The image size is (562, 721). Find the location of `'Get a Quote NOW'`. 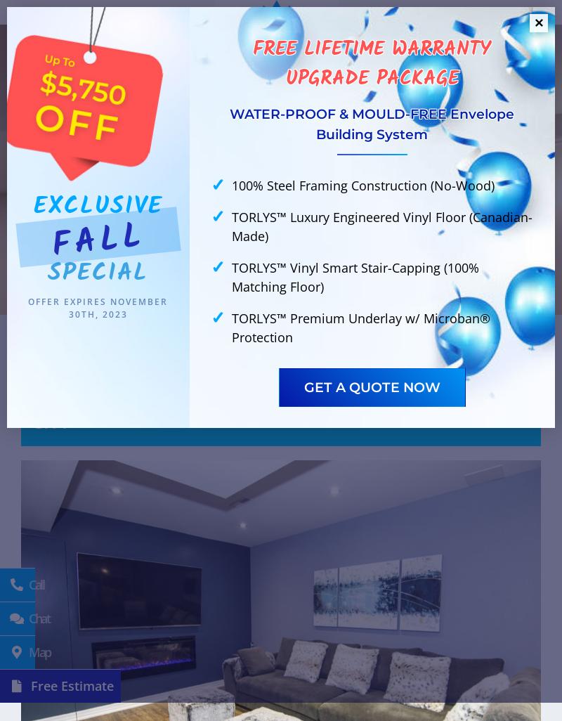

'Get a Quote NOW' is located at coordinates (371, 387).